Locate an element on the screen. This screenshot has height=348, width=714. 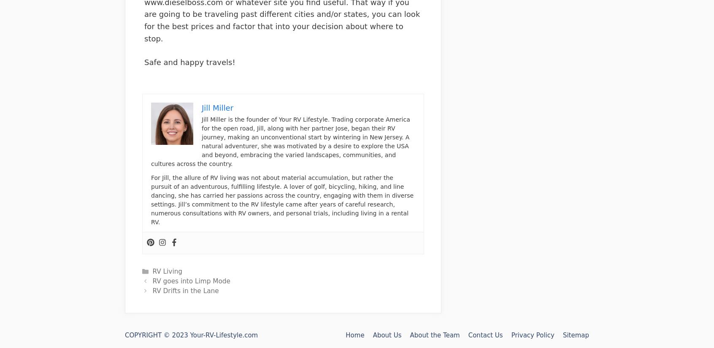
'For Jill, the allure of RV living was not about material accumulation, but rather the pursuit of an adventurous, fulfilling lifestyle. A lover of golf, bicycling, hiking, and line dancing, she has carried her passions across the country, engaging with them in diverse settings. Jill’s commitment to the RV lifestyle came after years of careful research, numerous consultations with RV owners, and personal trials, including living in a rental RV.' is located at coordinates (282, 199).